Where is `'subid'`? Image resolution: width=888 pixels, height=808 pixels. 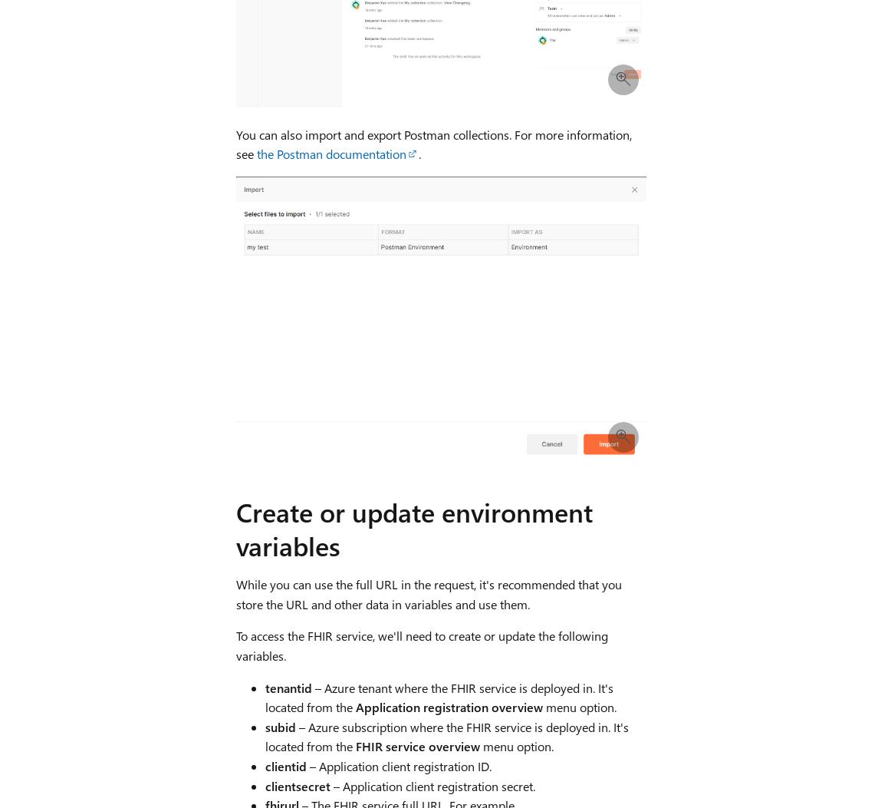
'subid' is located at coordinates (279, 725).